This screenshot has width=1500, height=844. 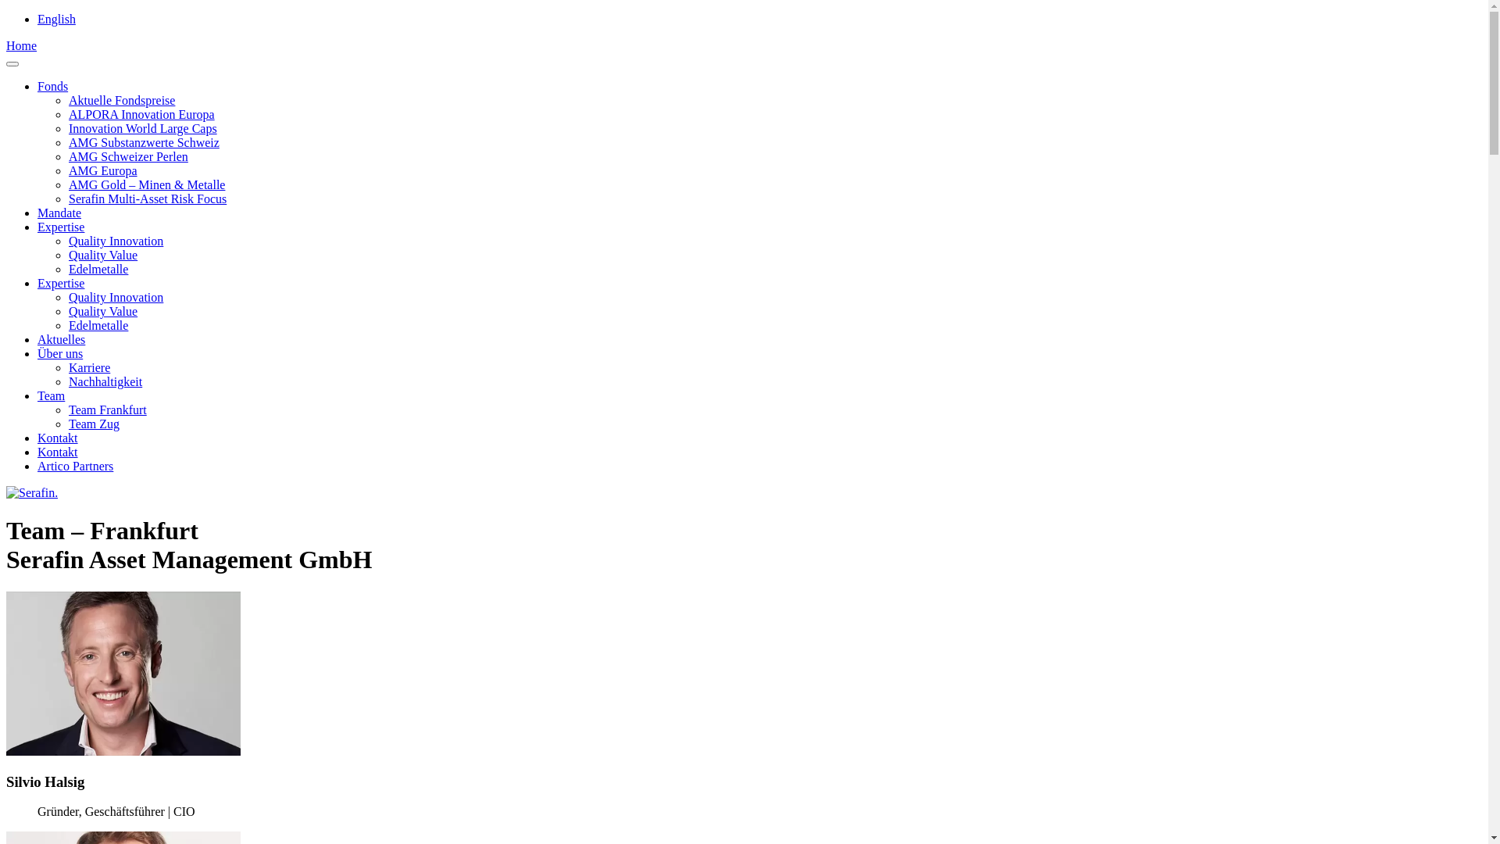 I want to click on 'Edelmetalle', so click(x=97, y=268).